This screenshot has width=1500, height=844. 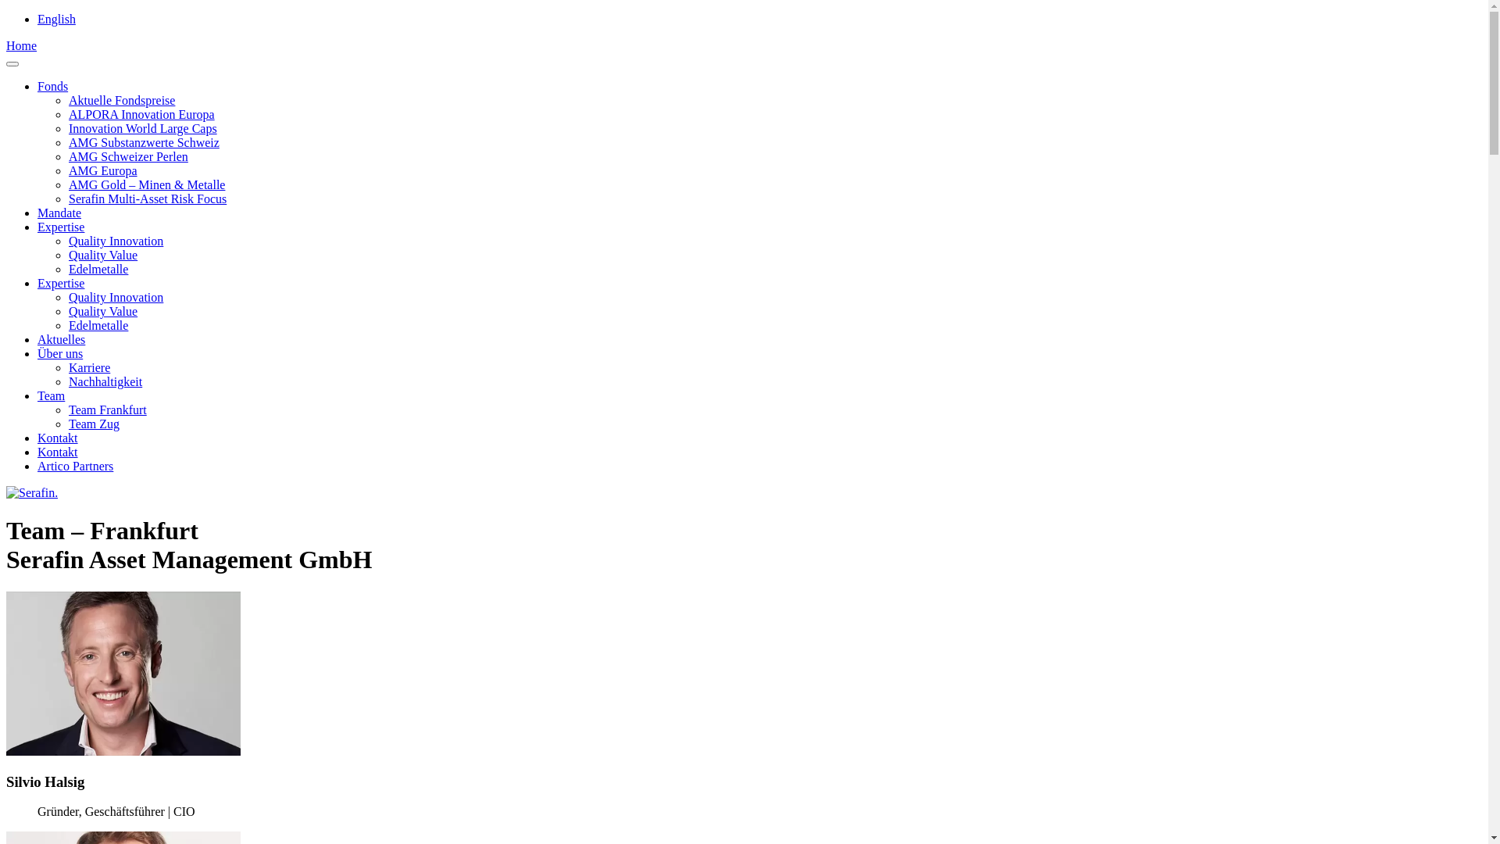 I want to click on 'Edelmetalle', so click(x=97, y=268).